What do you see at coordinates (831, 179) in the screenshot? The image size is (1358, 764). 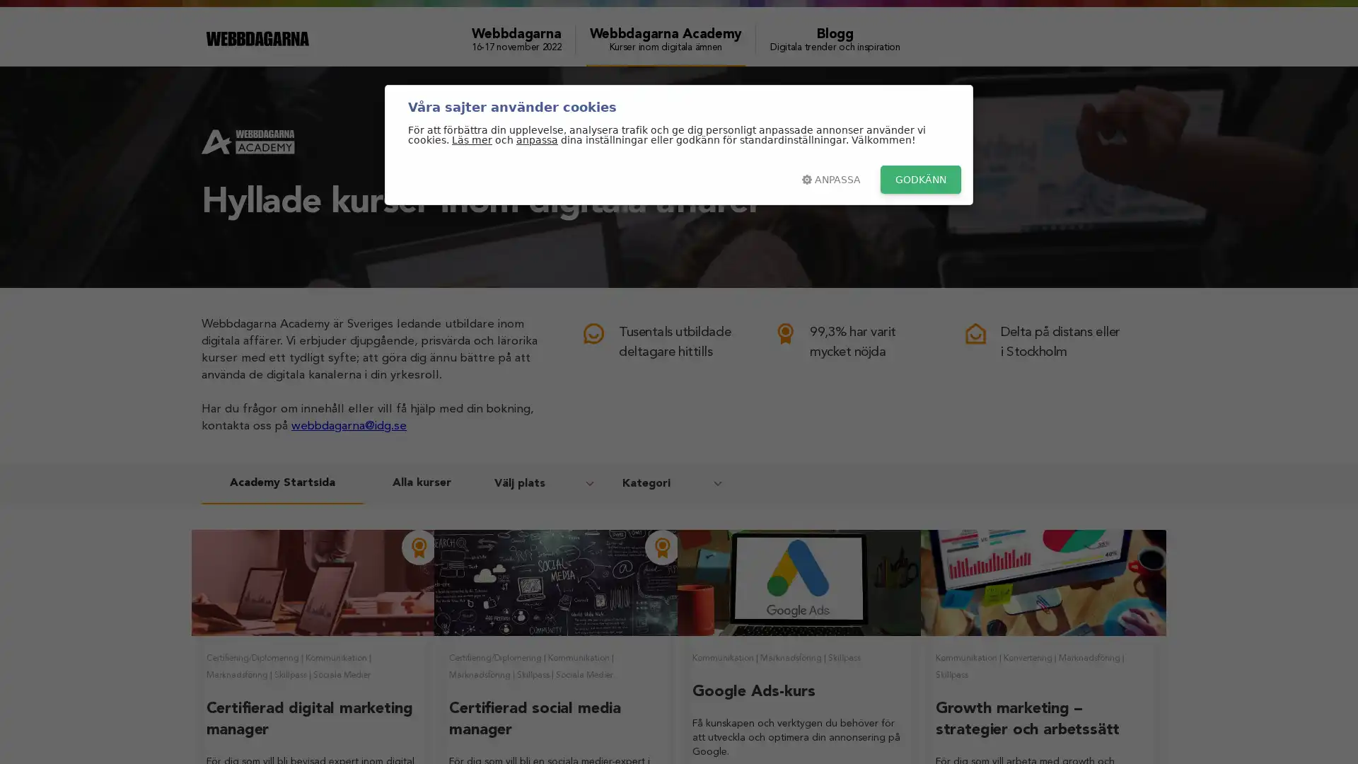 I see `INSTALLNINGAR:ANPASSA` at bounding box center [831, 179].